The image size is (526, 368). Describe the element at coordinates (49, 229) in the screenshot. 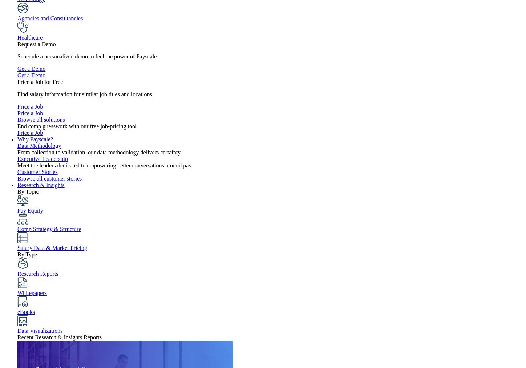

I see `'Comp Strategy & Structure'` at that location.